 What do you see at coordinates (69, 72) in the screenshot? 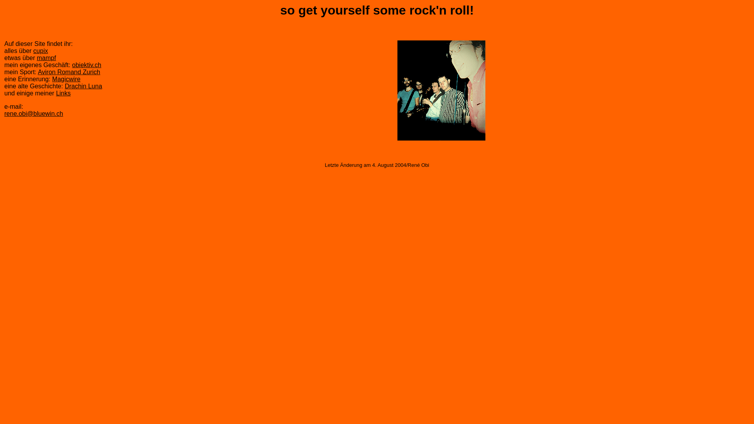
I see `'Aviron Romand Zurich'` at bounding box center [69, 72].